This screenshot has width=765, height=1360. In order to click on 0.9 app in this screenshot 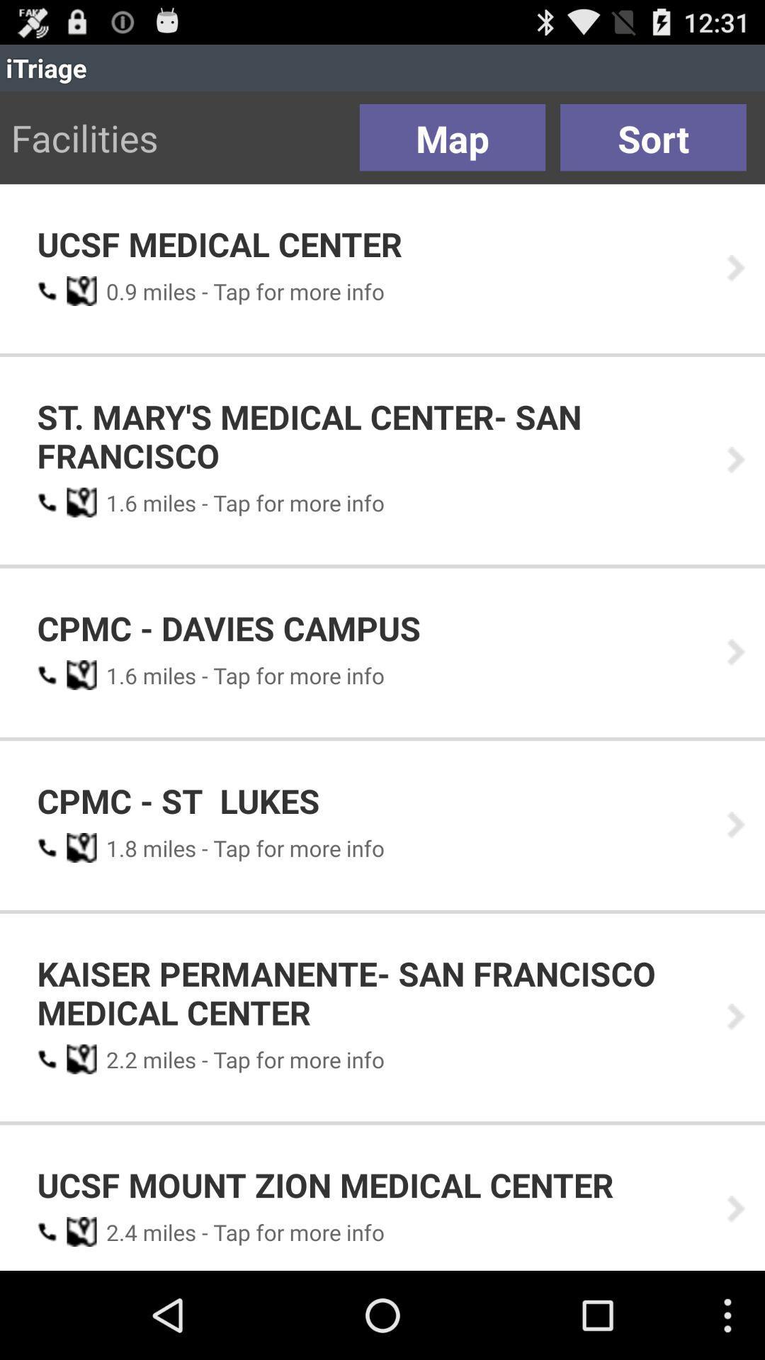, I will do `click(116, 290)`.